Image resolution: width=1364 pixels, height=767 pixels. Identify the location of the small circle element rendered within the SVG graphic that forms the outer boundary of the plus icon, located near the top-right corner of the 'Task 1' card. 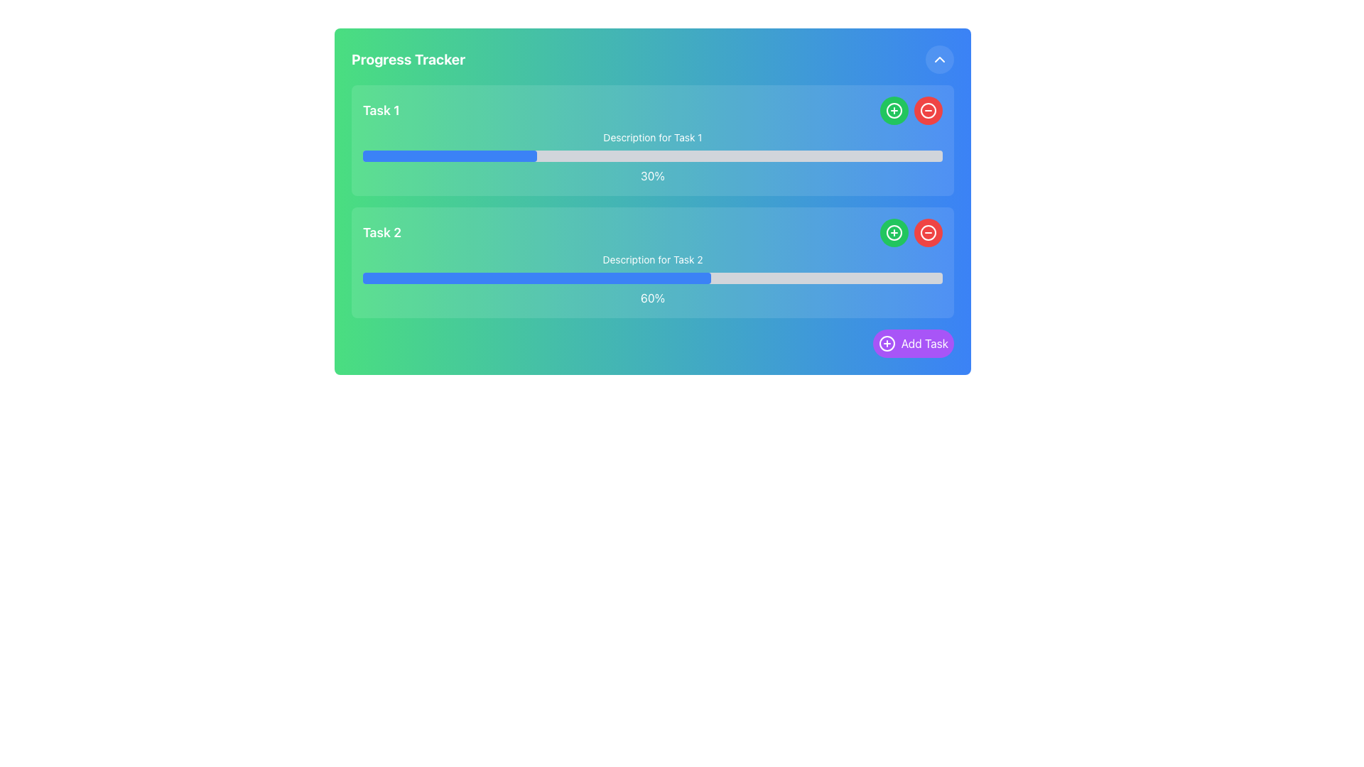
(893, 232).